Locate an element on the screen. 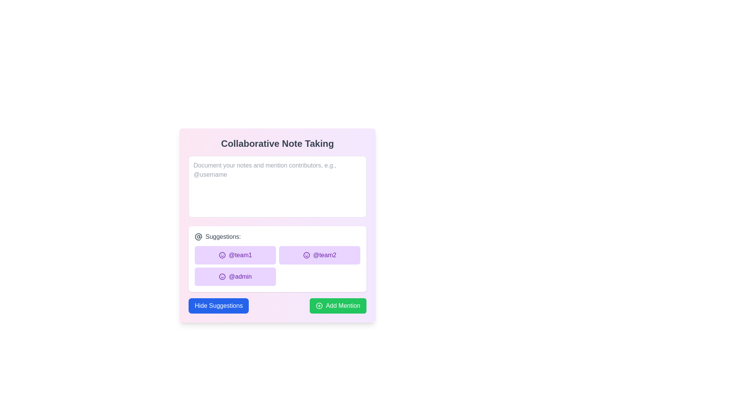  the central circular outline of the SVG smiley icon, which is part of the admin user representation in the suggestions section marked '@admin' is located at coordinates (222, 276).